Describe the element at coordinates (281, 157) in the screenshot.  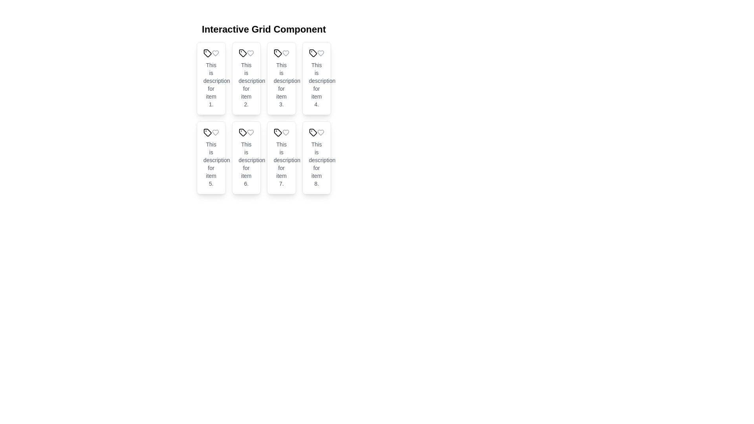
I see `the seventh tile in the grid layout` at that location.